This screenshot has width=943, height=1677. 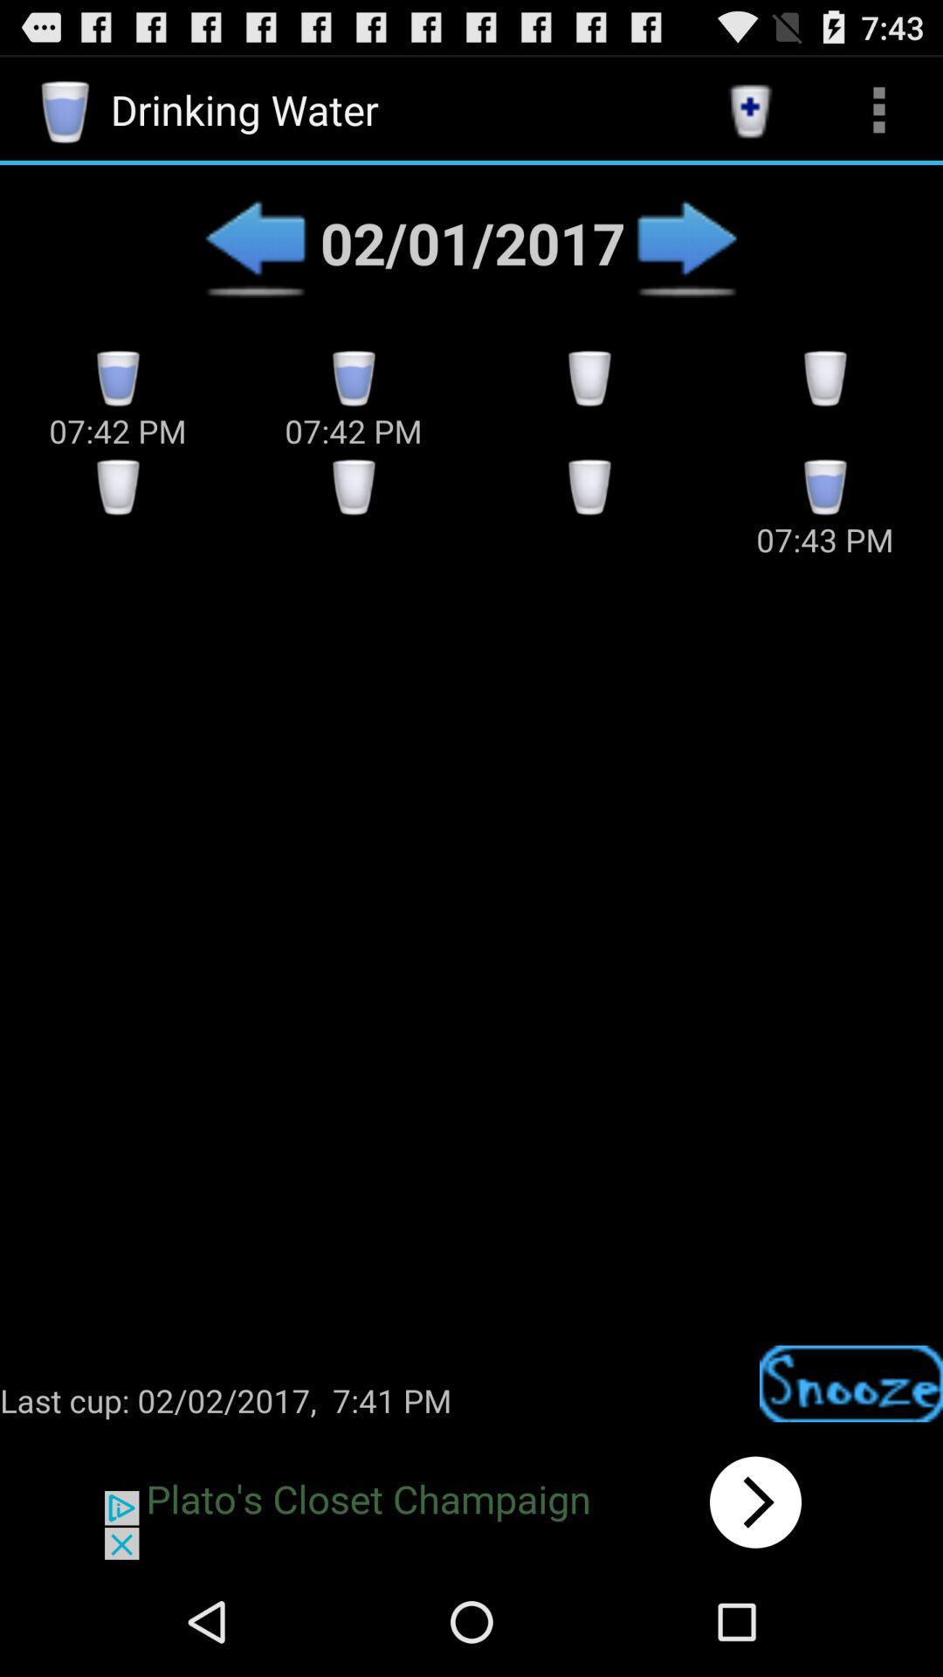 What do you see at coordinates (471, 1501) in the screenshot?
I see `open advertisement` at bounding box center [471, 1501].